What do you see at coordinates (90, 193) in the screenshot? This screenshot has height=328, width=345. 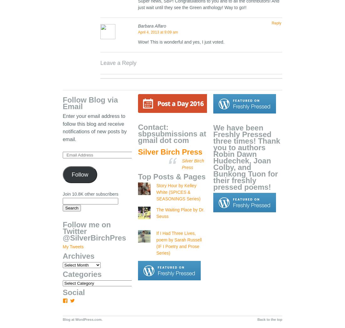 I see `'Join 10.8K other subscribers'` at bounding box center [90, 193].